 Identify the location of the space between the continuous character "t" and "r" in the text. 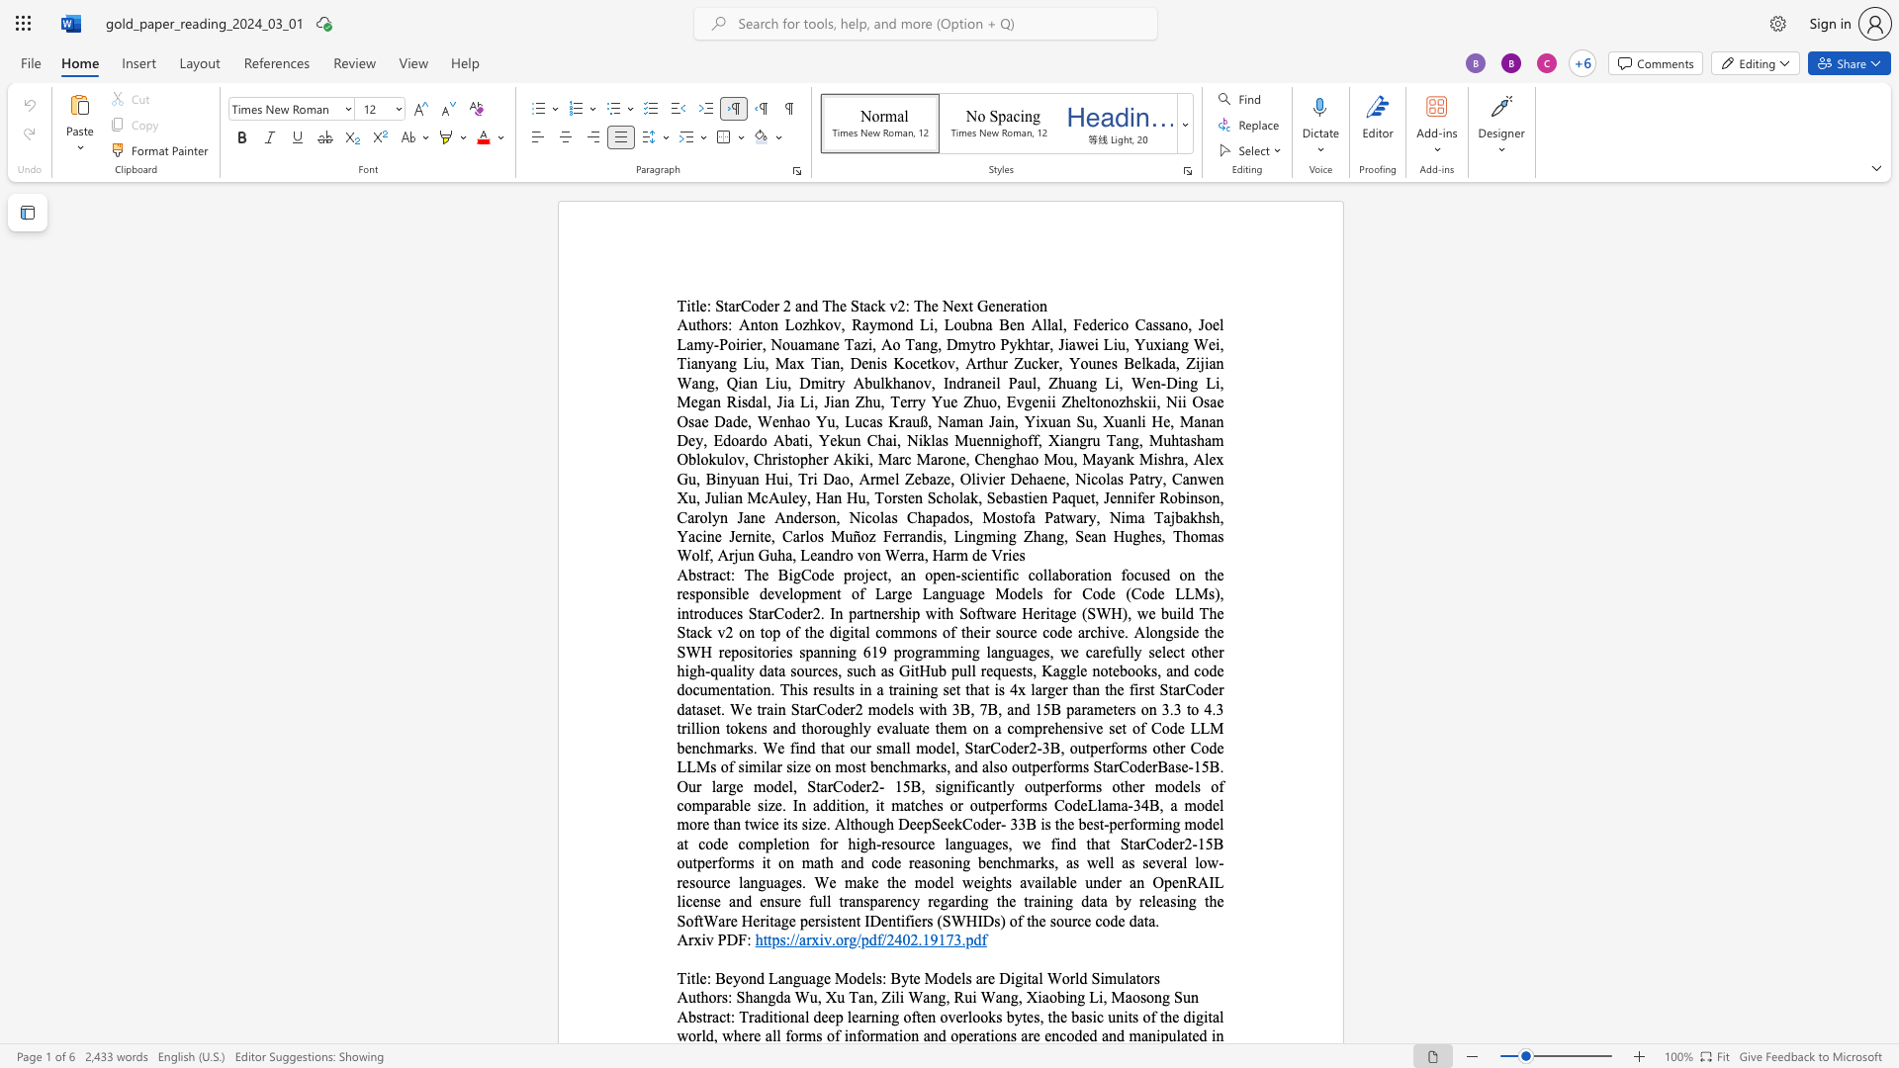
(707, 1017).